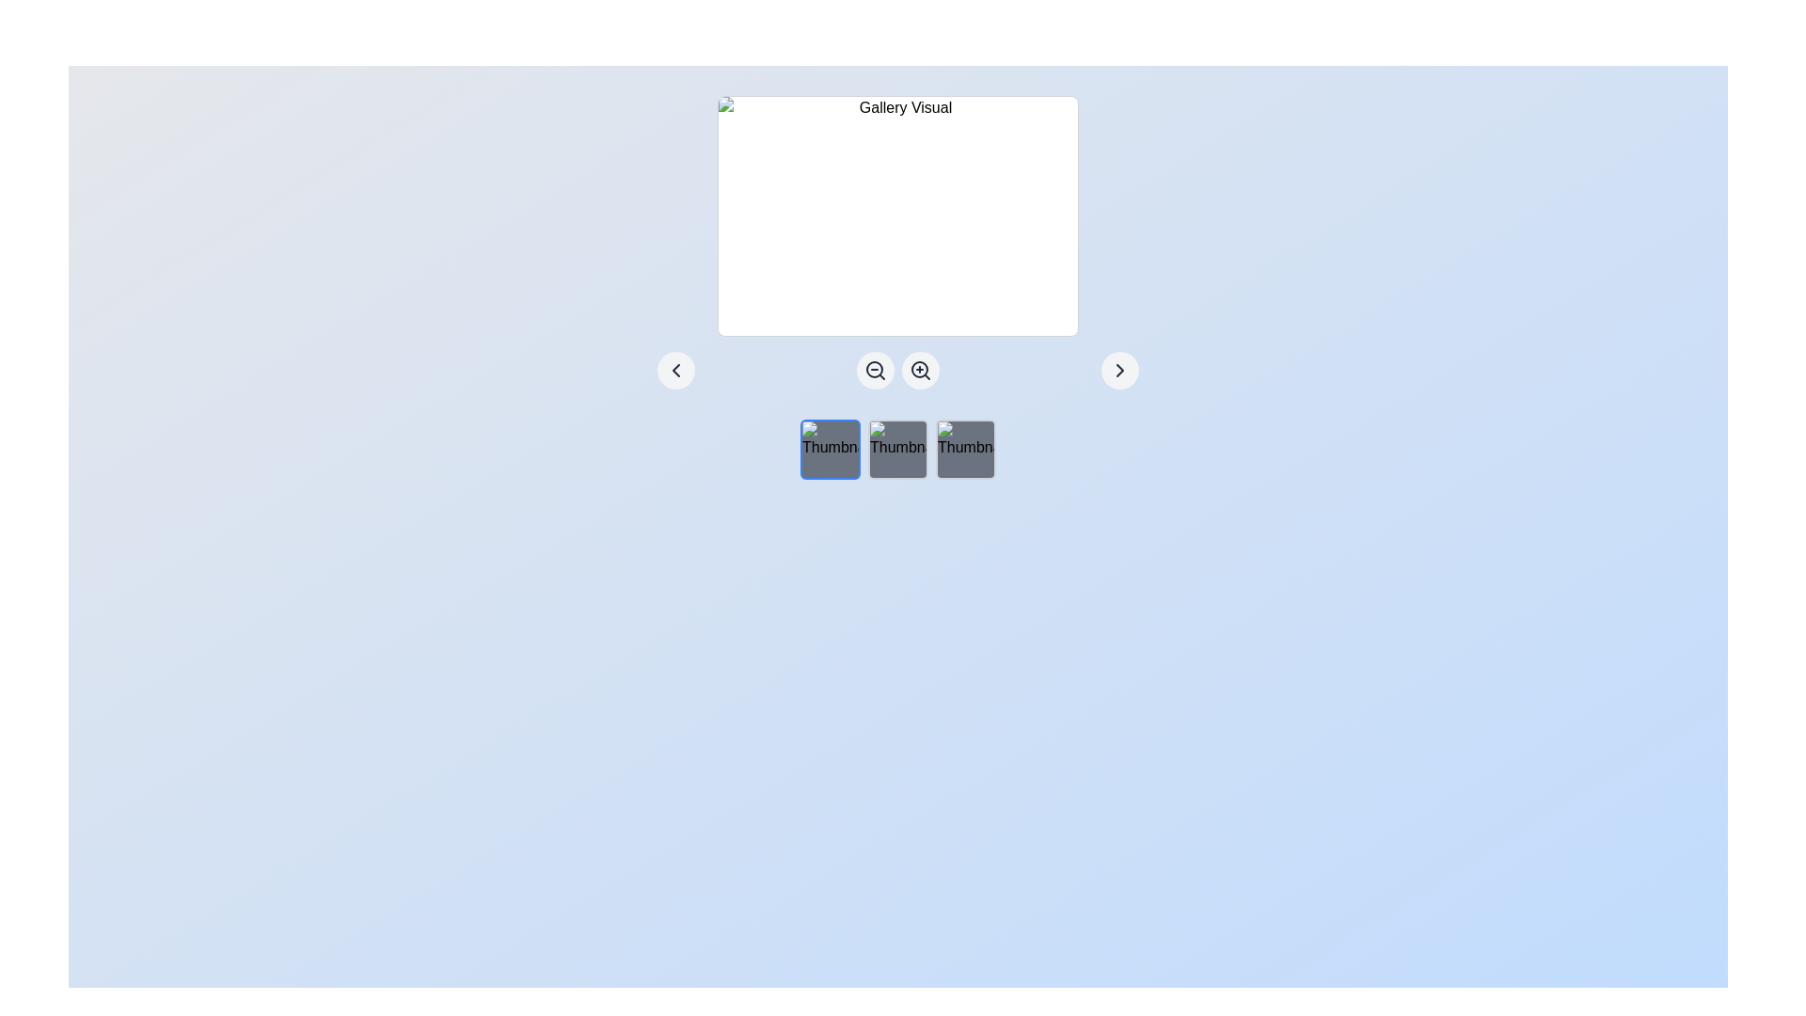  Describe the element at coordinates (897, 215) in the screenshot. I see `the image placeholder located` at that location.